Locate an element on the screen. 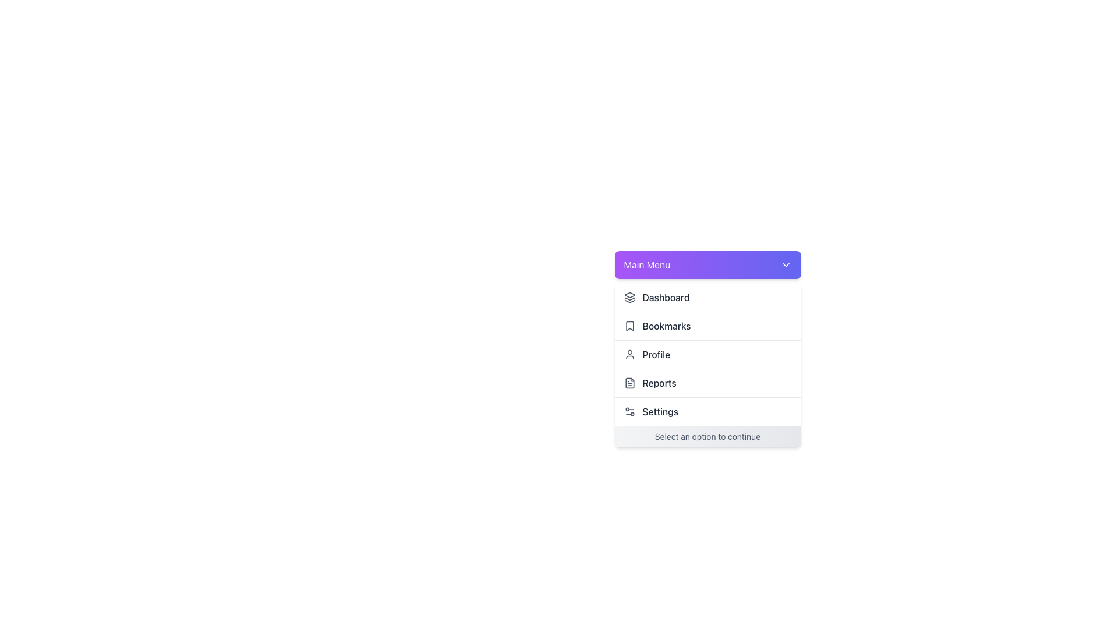 The image size is (1118, 629). the 'Reports' icon in the dropdown menu under the 'Main Menu' header is located at coordinates (629, 383).